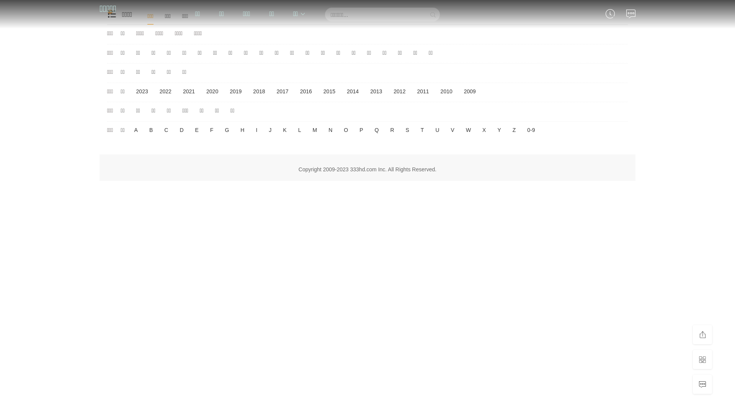 The height and width of the screenshot is (413, 735). Describe the element at coordinates (468, 130) in the screenshot. I see `'W'` at that location.